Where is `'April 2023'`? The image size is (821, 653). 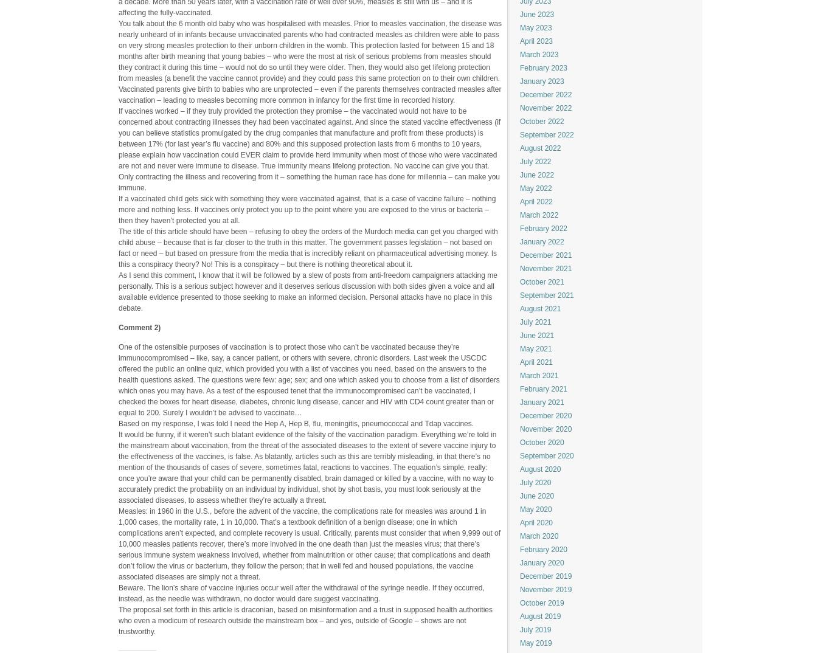
'April 2023' is located at coordinates (519, 41).